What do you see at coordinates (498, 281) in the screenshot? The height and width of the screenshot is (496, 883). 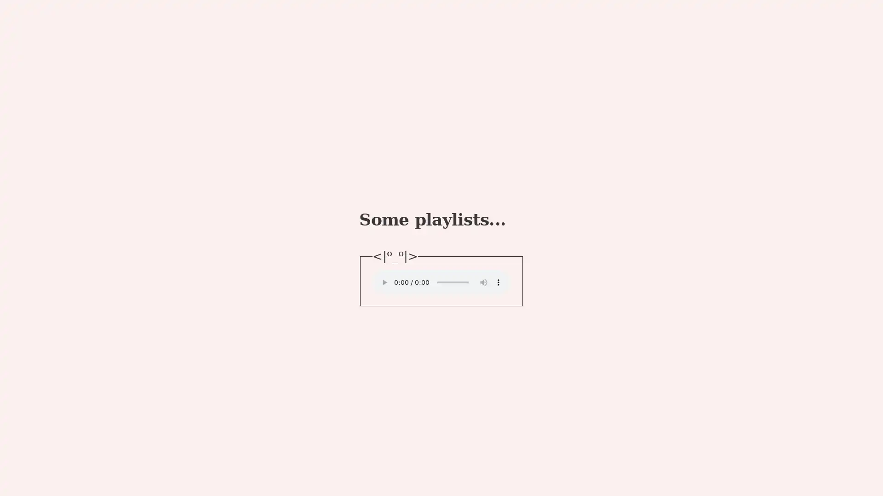 I see `show more media controls` at bounding box center [498, 281].